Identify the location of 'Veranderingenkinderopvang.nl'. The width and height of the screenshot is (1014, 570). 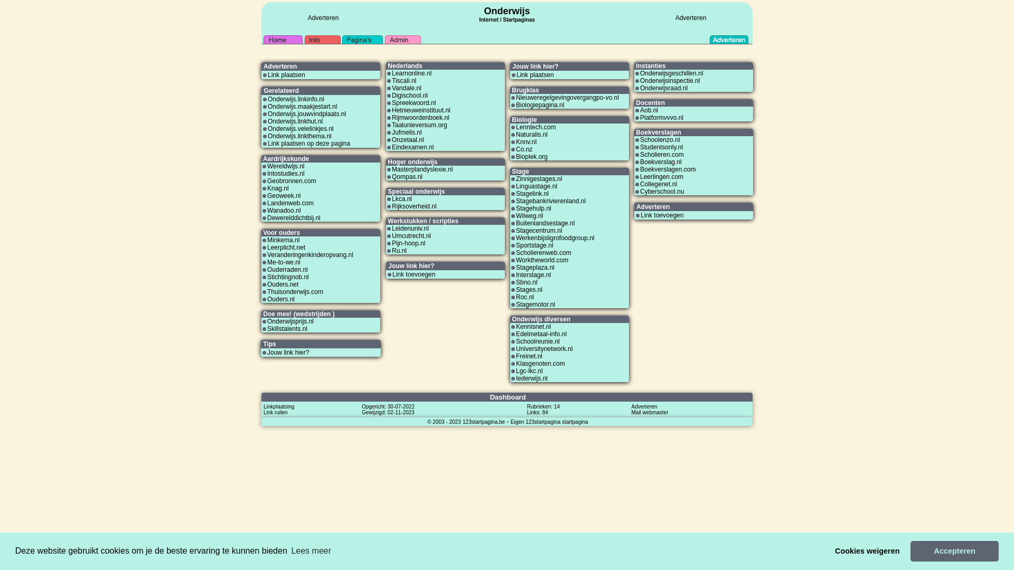
(309, 254).